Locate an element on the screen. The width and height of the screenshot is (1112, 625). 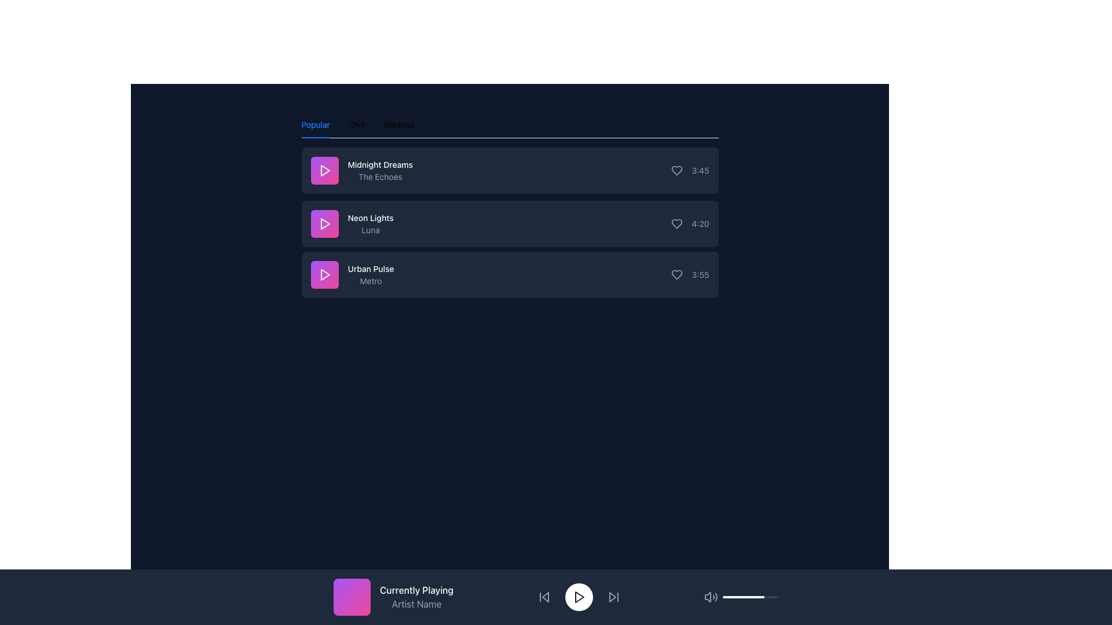
the 'Chill' tab navigation control is located at coordinates (356, 125).